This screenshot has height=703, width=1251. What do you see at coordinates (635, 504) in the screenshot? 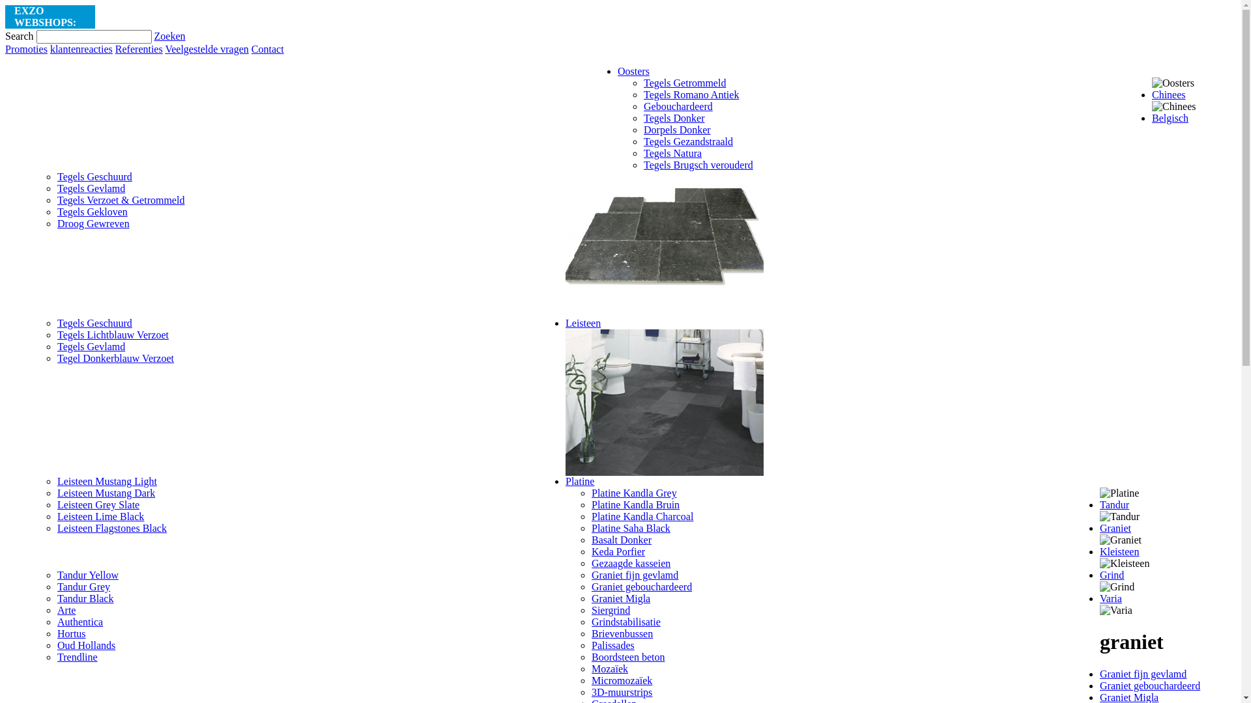
I see `'Platine Kandla Bruin'` at bounding box center [635, 504].